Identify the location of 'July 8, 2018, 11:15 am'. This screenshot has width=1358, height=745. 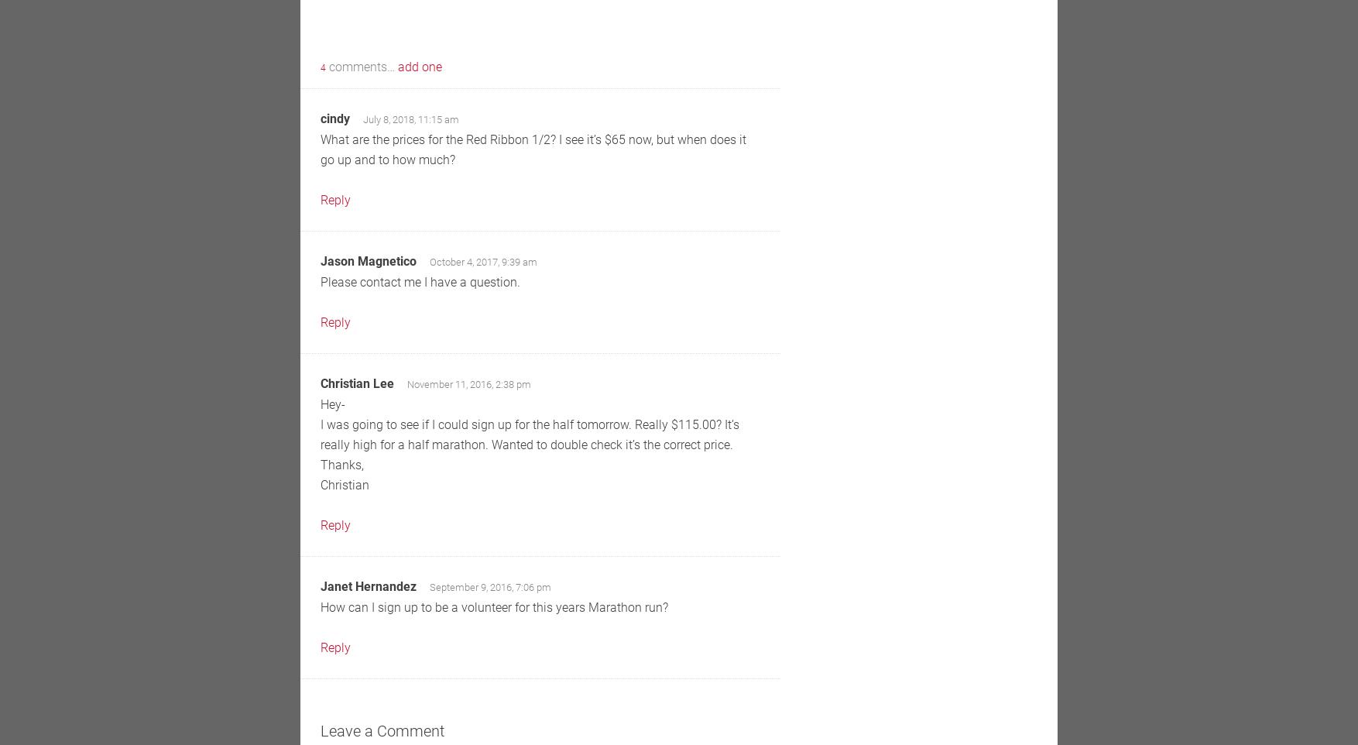
(410, 119).